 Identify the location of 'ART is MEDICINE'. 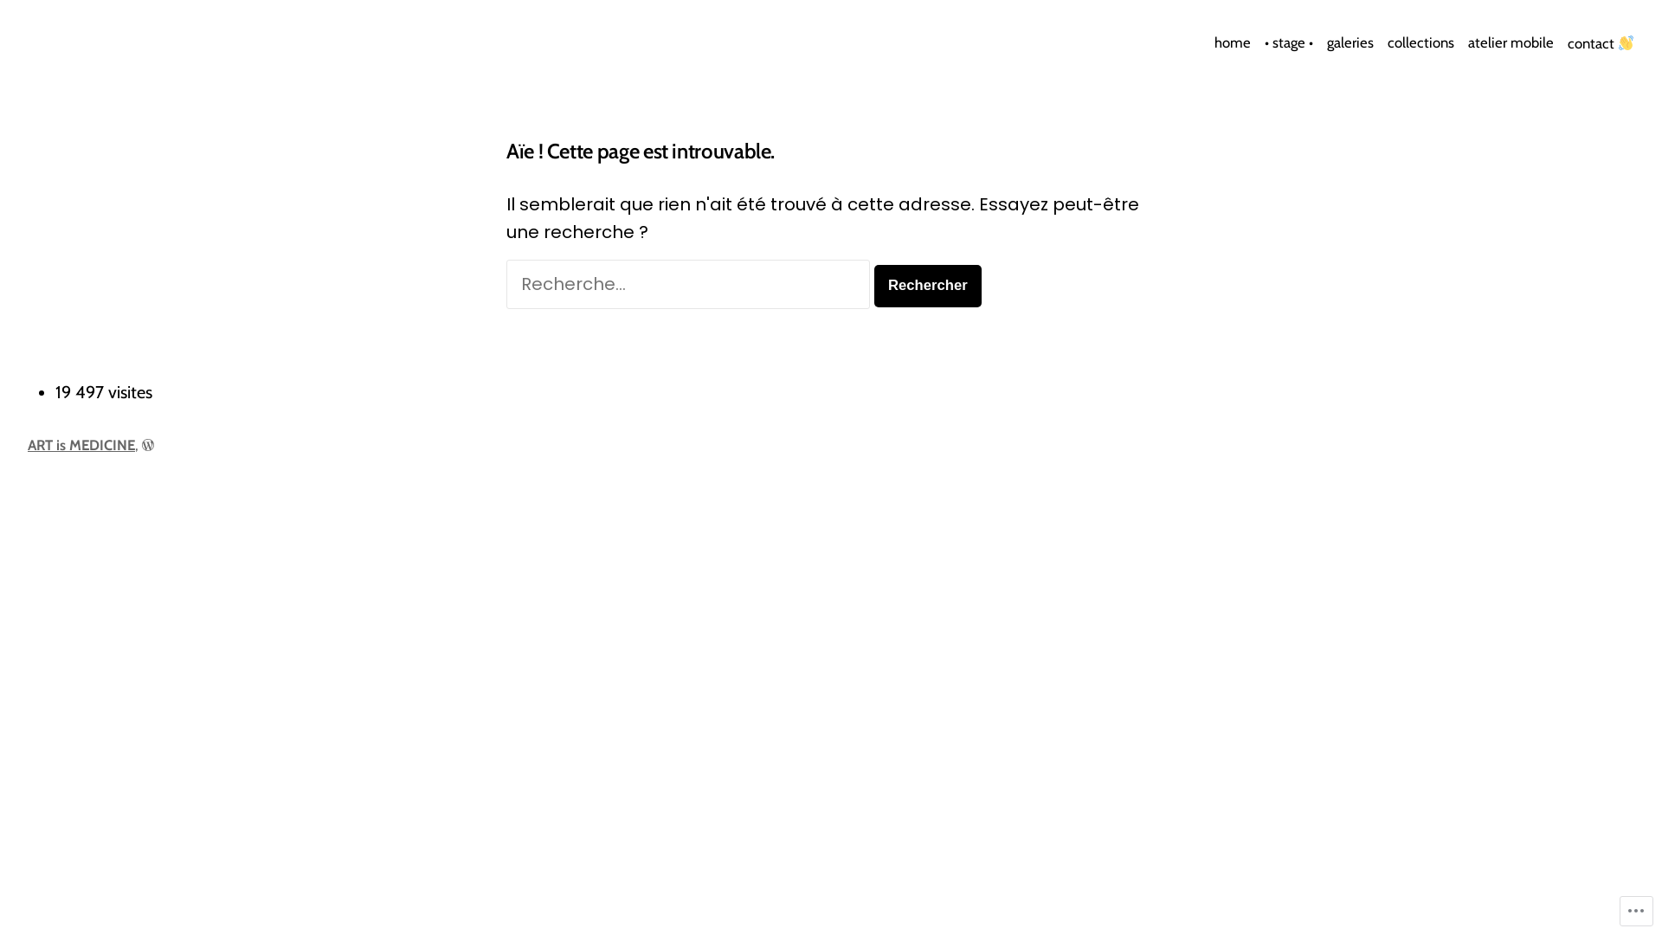
(81, 443).